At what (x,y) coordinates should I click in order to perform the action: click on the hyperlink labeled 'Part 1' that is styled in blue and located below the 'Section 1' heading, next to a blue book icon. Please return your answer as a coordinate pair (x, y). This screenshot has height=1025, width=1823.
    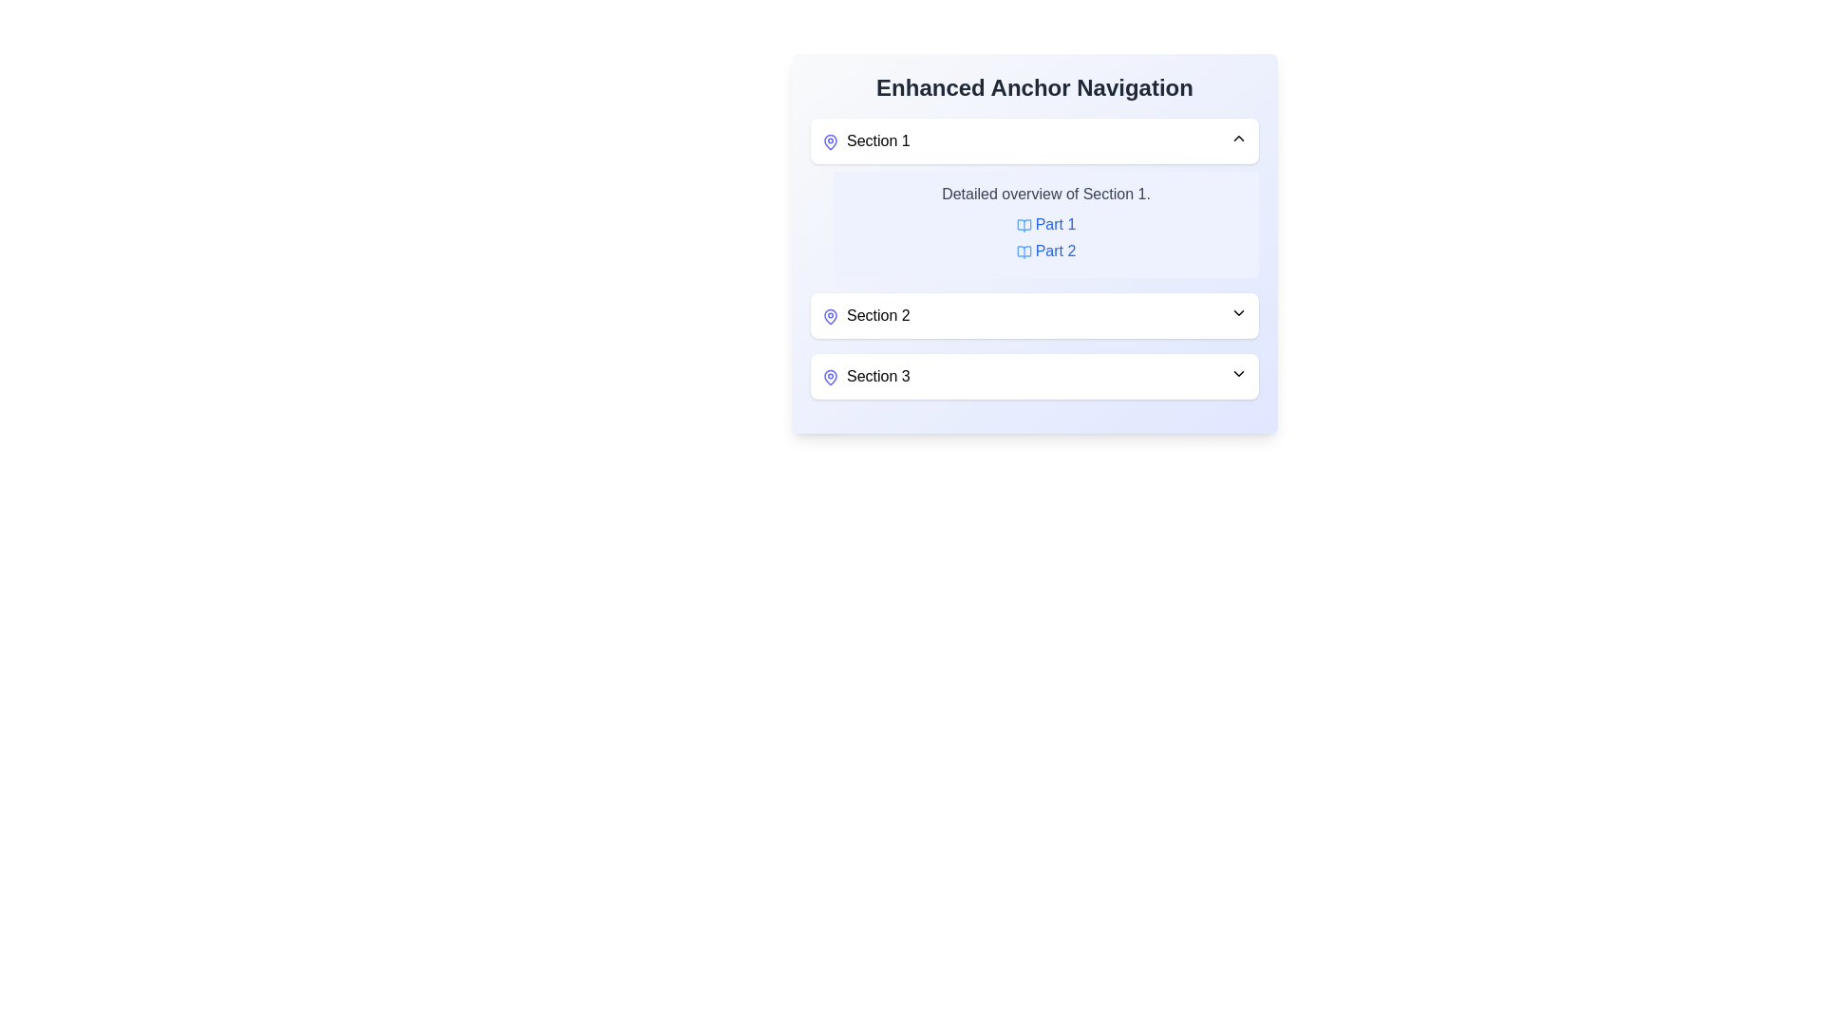
    Looking at the image, I should click on (1045, 223).